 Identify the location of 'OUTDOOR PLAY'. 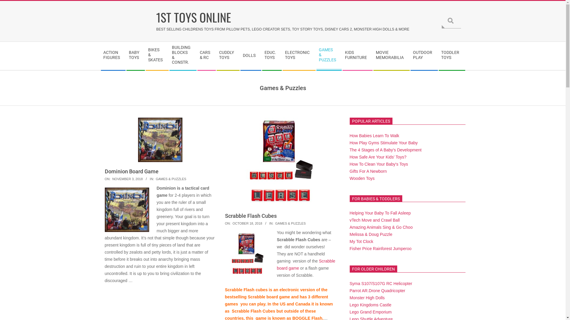
(424, 56).